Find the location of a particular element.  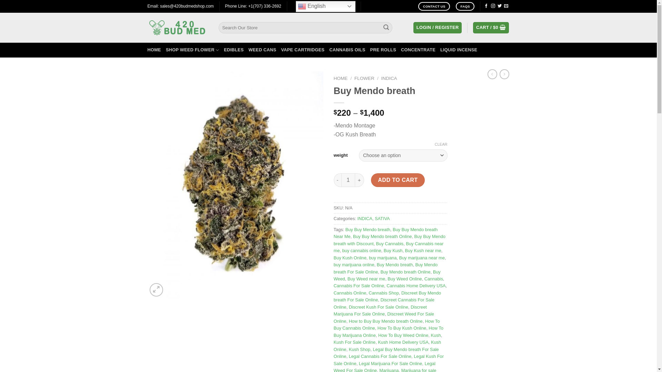

'Discreet Marijuana For Sale Online' is located at coordinates (380, 310).